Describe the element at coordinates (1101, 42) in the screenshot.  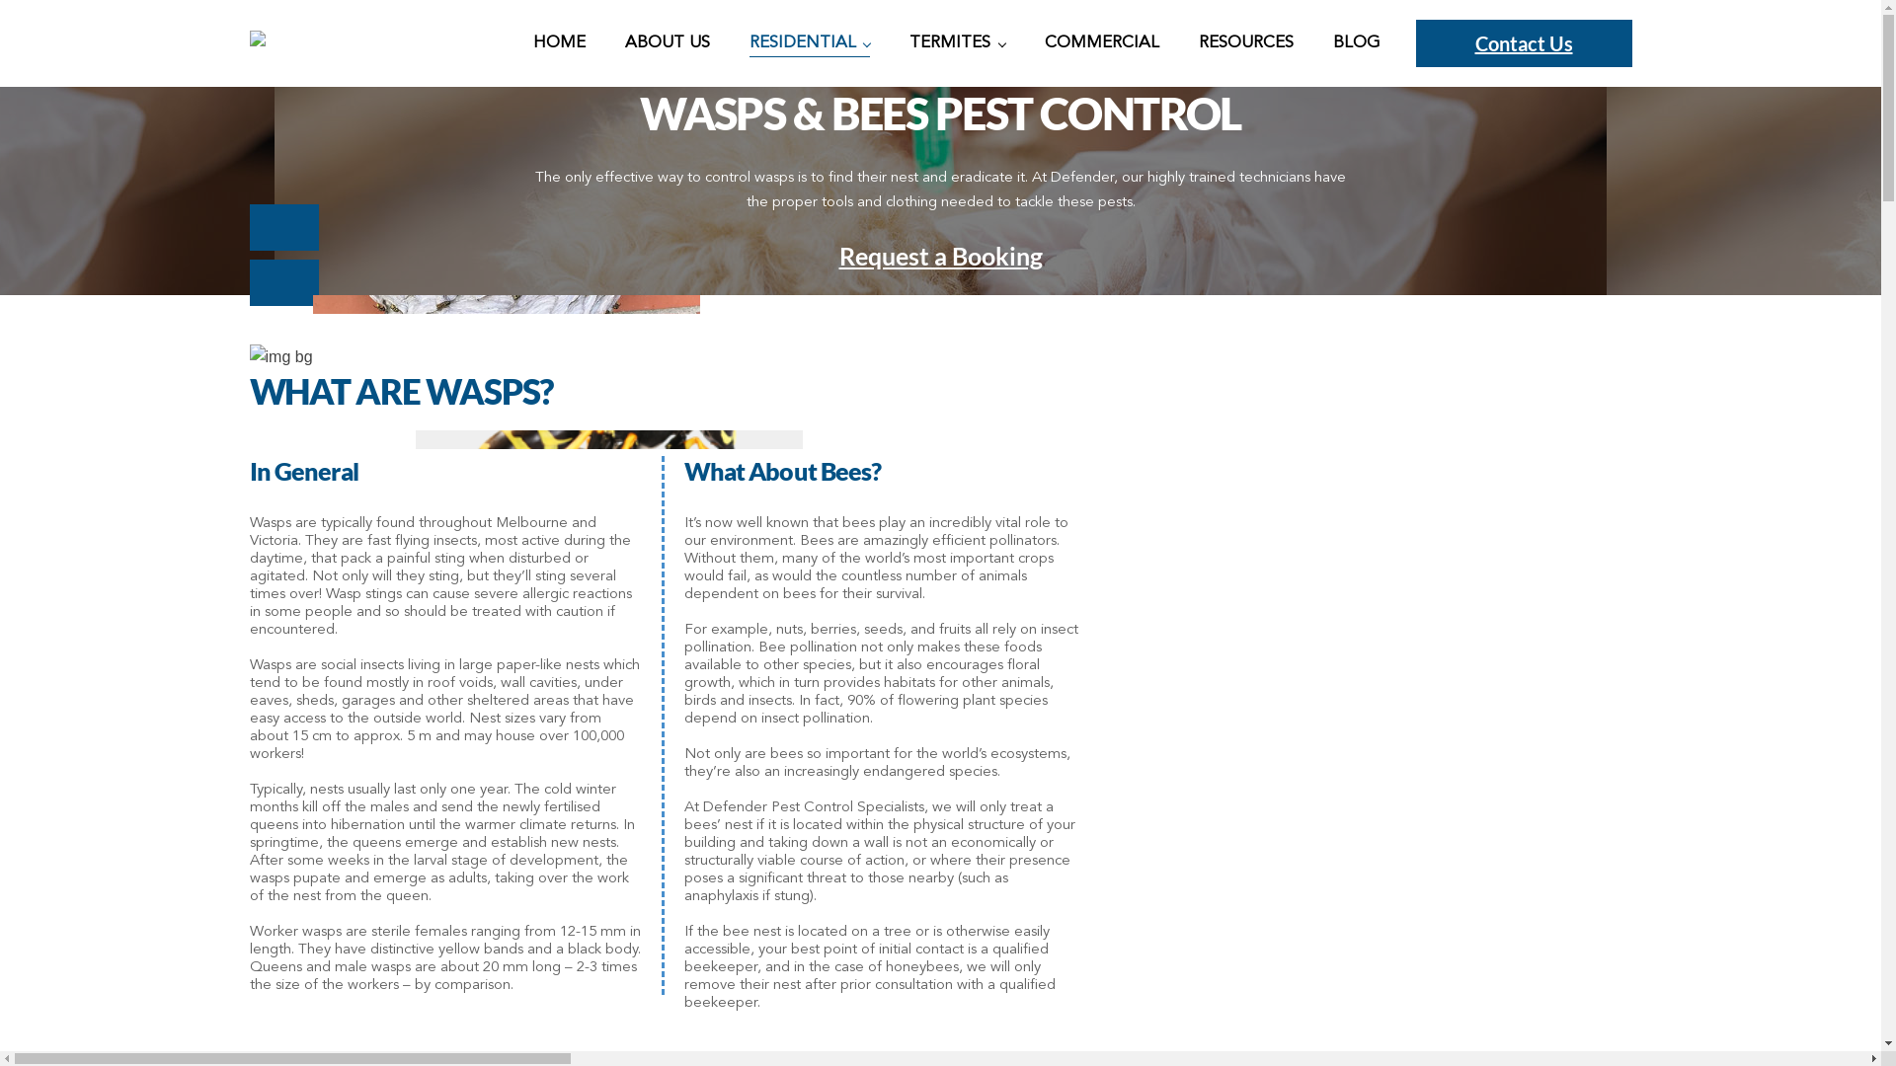
I see `'COMMERCIAL'` at that location.